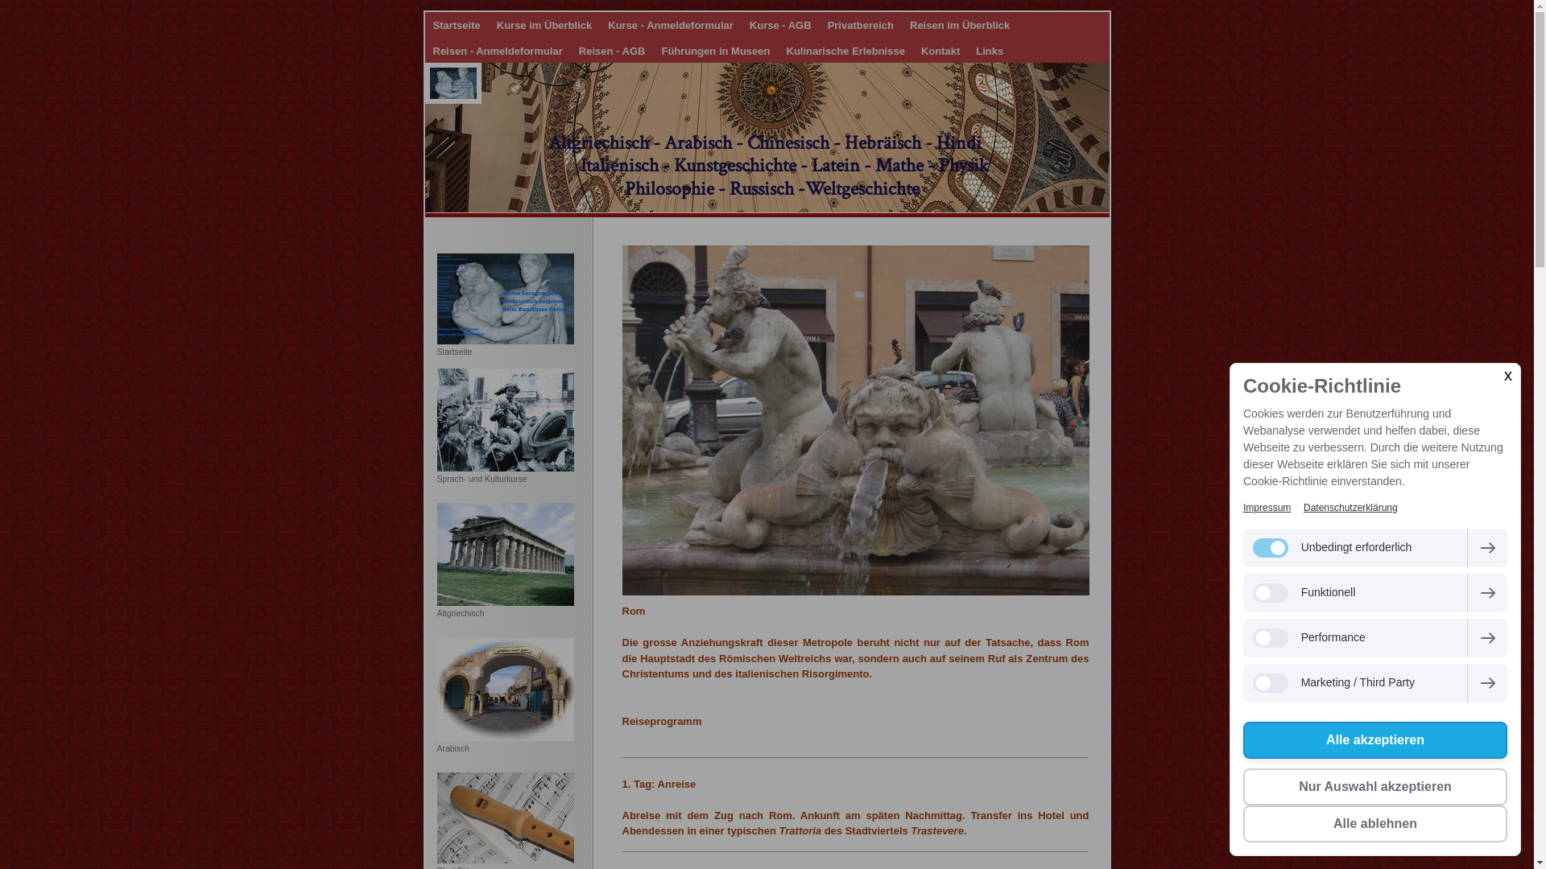 The image size is (1546, 869). What do you see at coordinates (598, 25) in the screenshot?
I see `'Kurse - Anmeldeformular'` at bounding box center [598, 25].